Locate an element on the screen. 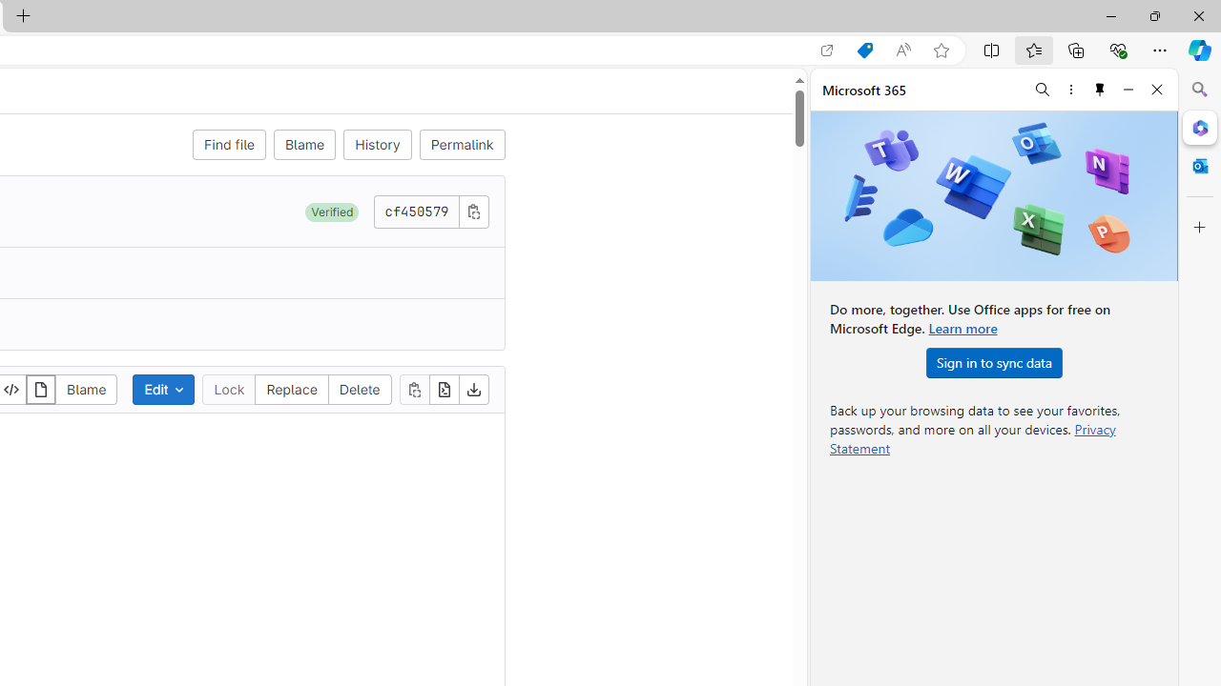 Image resolution: width=1221 pixels, height=686 pixels. 'Verified' is located at coordinates (332, 212).